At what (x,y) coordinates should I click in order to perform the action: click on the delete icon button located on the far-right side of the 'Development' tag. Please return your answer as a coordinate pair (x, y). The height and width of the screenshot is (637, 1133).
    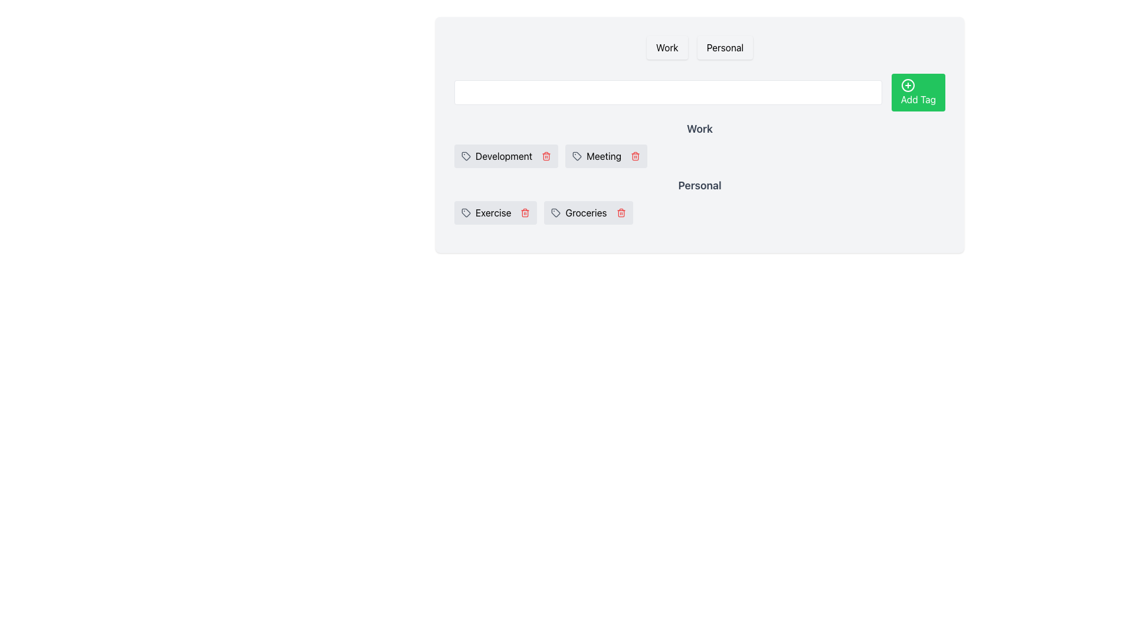
    Looking at the image, I should click on (546, 156).